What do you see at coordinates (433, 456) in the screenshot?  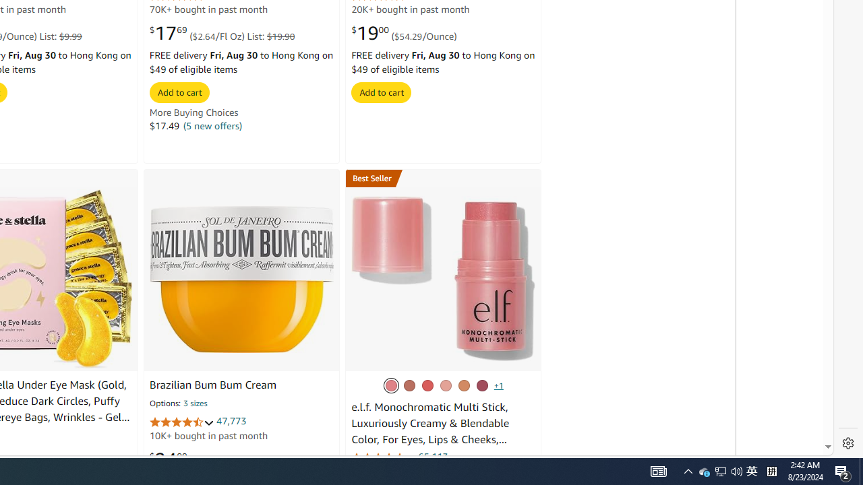 I see `'65,113'` at bounding box center [433, 456].